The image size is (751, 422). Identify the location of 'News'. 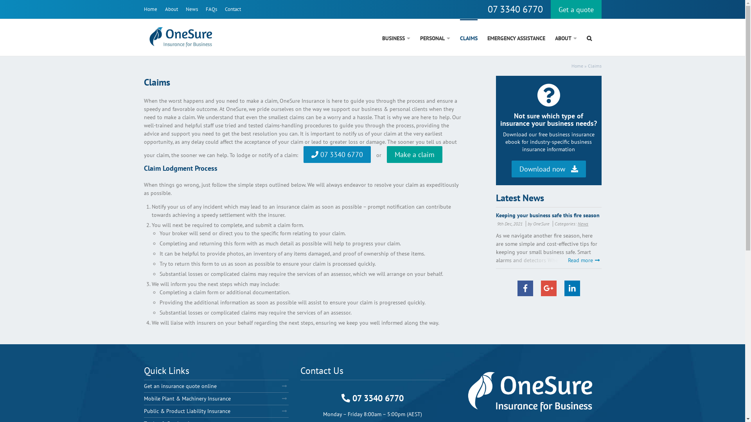
(583, 223).